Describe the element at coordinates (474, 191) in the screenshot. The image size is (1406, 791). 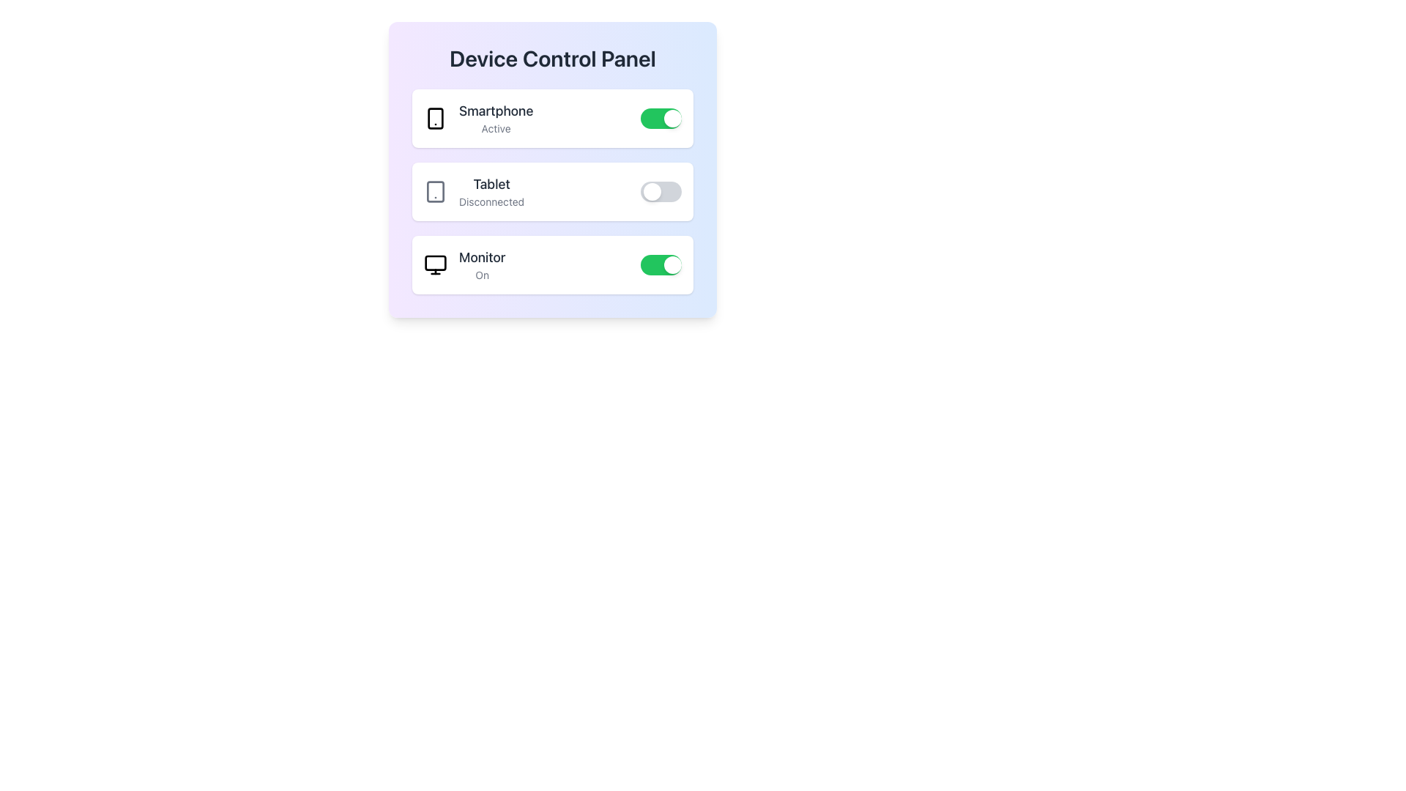
I see `the status of the 'Tablet' informational display block, which shows 'Disconnected' in grey font, located in the Device Control Panel interface` at that location.